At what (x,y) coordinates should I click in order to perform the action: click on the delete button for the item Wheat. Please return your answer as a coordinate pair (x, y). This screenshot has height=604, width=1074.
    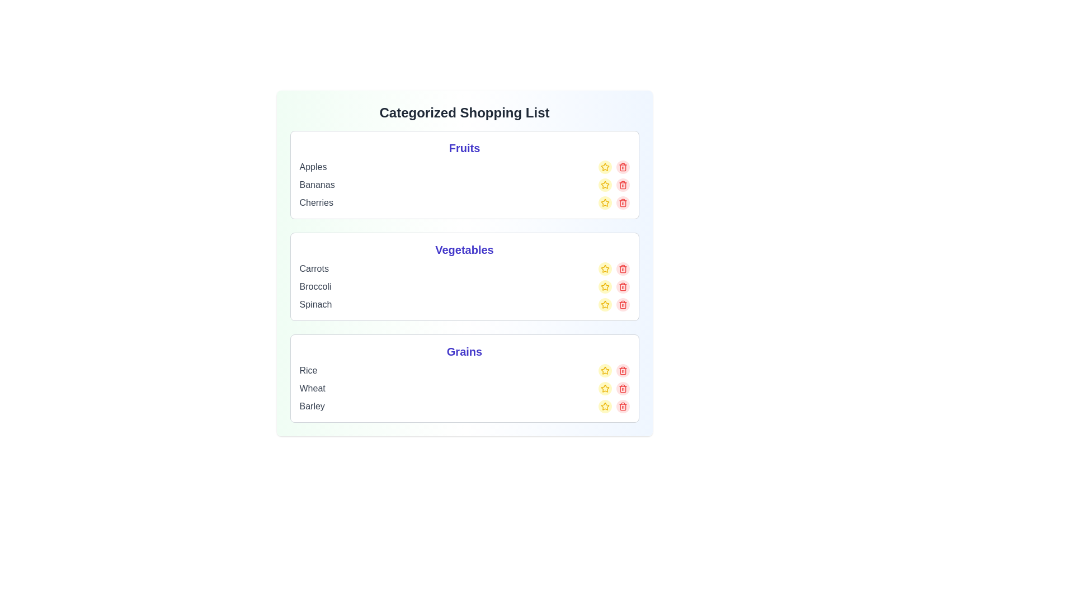
    Looking at the image, I should click on (622, 388).